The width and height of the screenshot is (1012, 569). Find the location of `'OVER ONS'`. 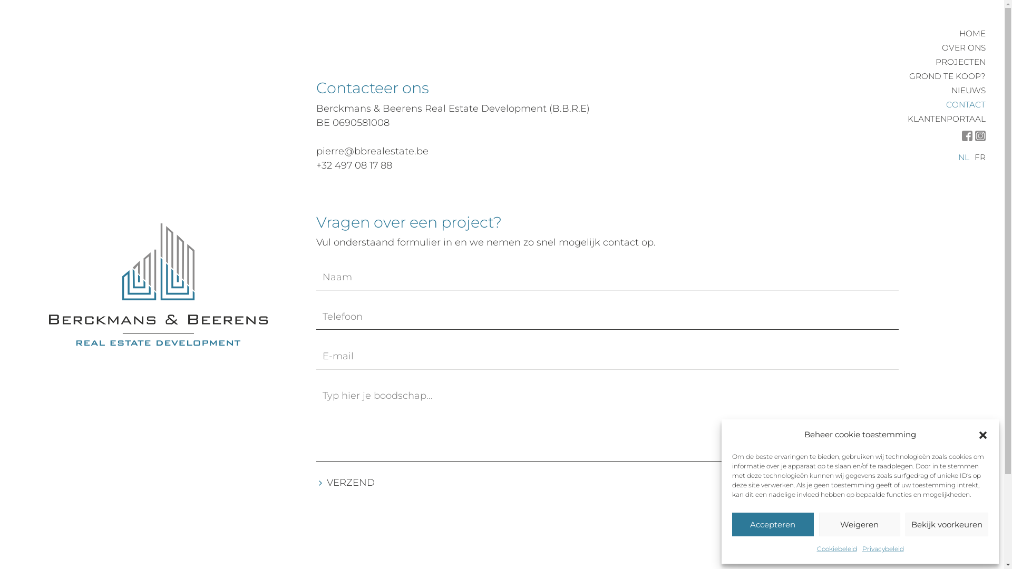

'OVER ONS' is located at coordinates (964, 47).